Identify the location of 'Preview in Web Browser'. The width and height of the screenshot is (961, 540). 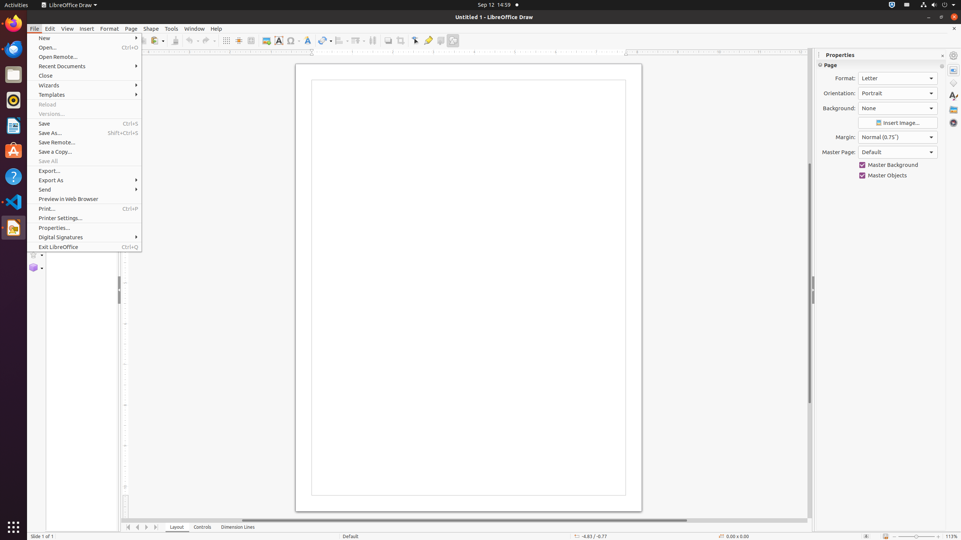
(84, 198).